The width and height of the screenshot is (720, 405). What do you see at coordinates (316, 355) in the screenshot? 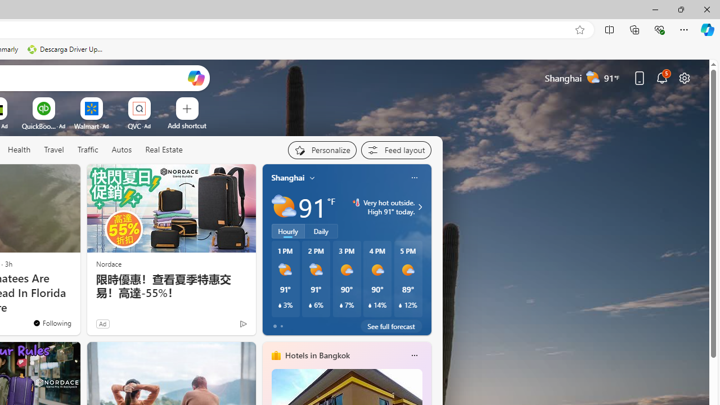
I see `'Hotels in Bangkok'` at bounding box center [316, 355].